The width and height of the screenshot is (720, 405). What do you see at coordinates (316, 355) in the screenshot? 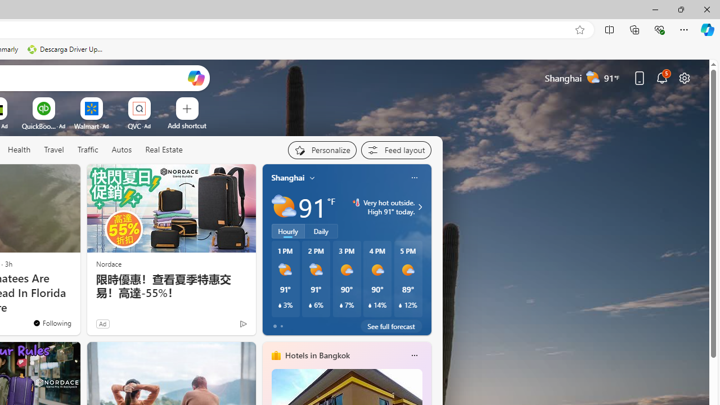
I see `'Hotels in Bangkok'` at bounding box center [316, 355].